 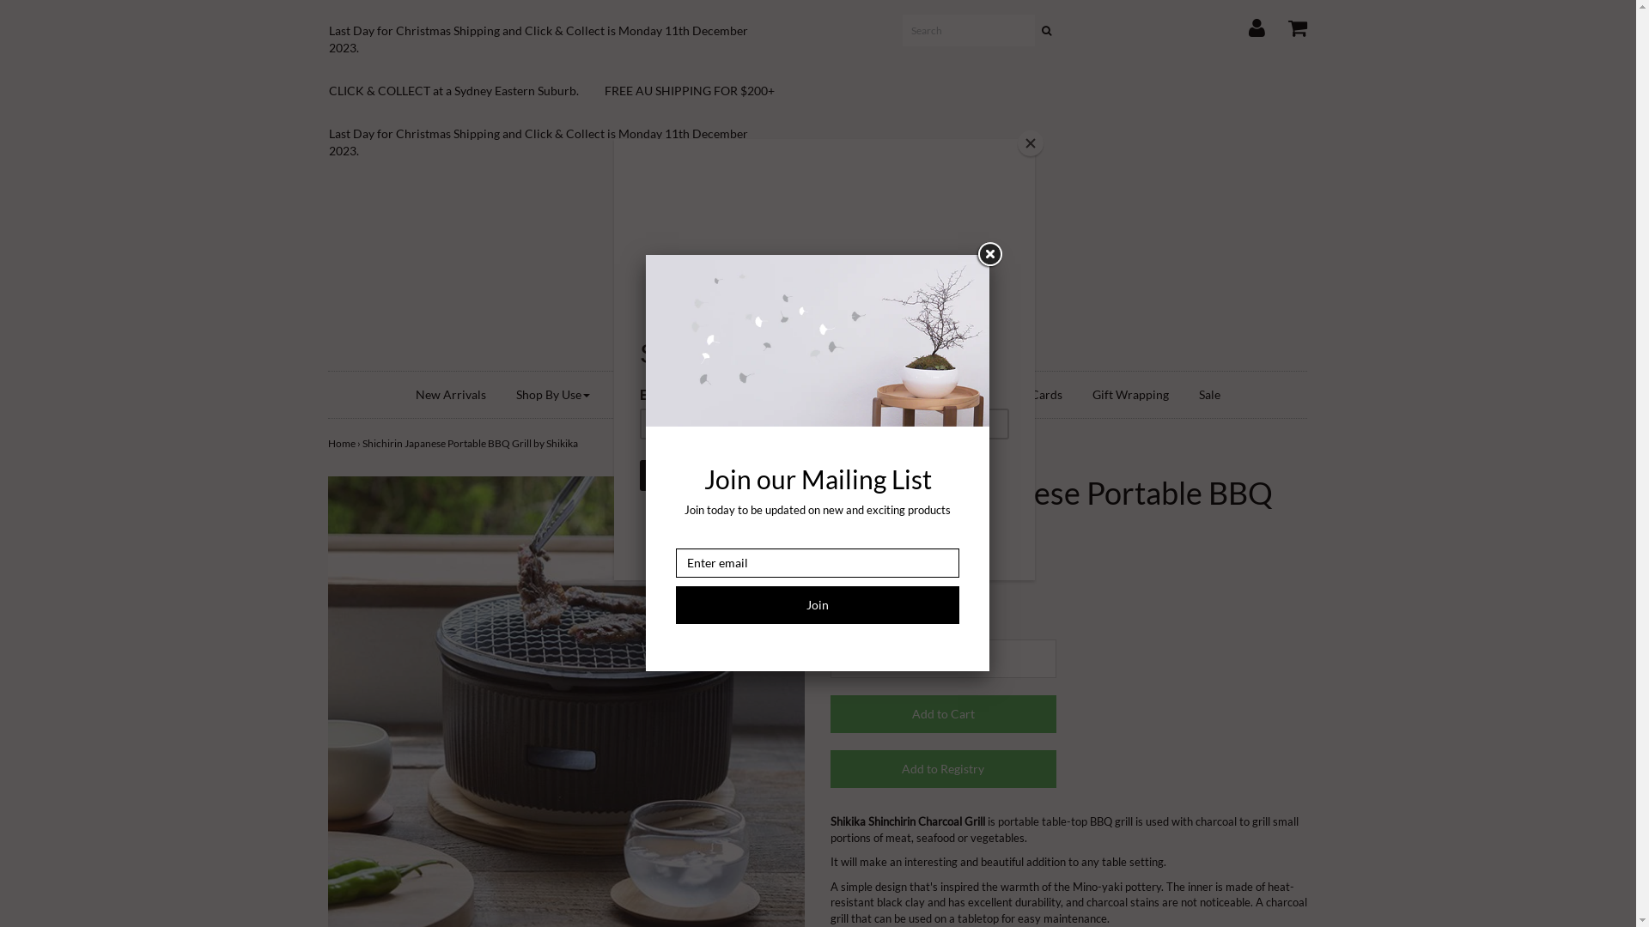 I want to click on 'Add to Registry', so click(x=830, y=767).